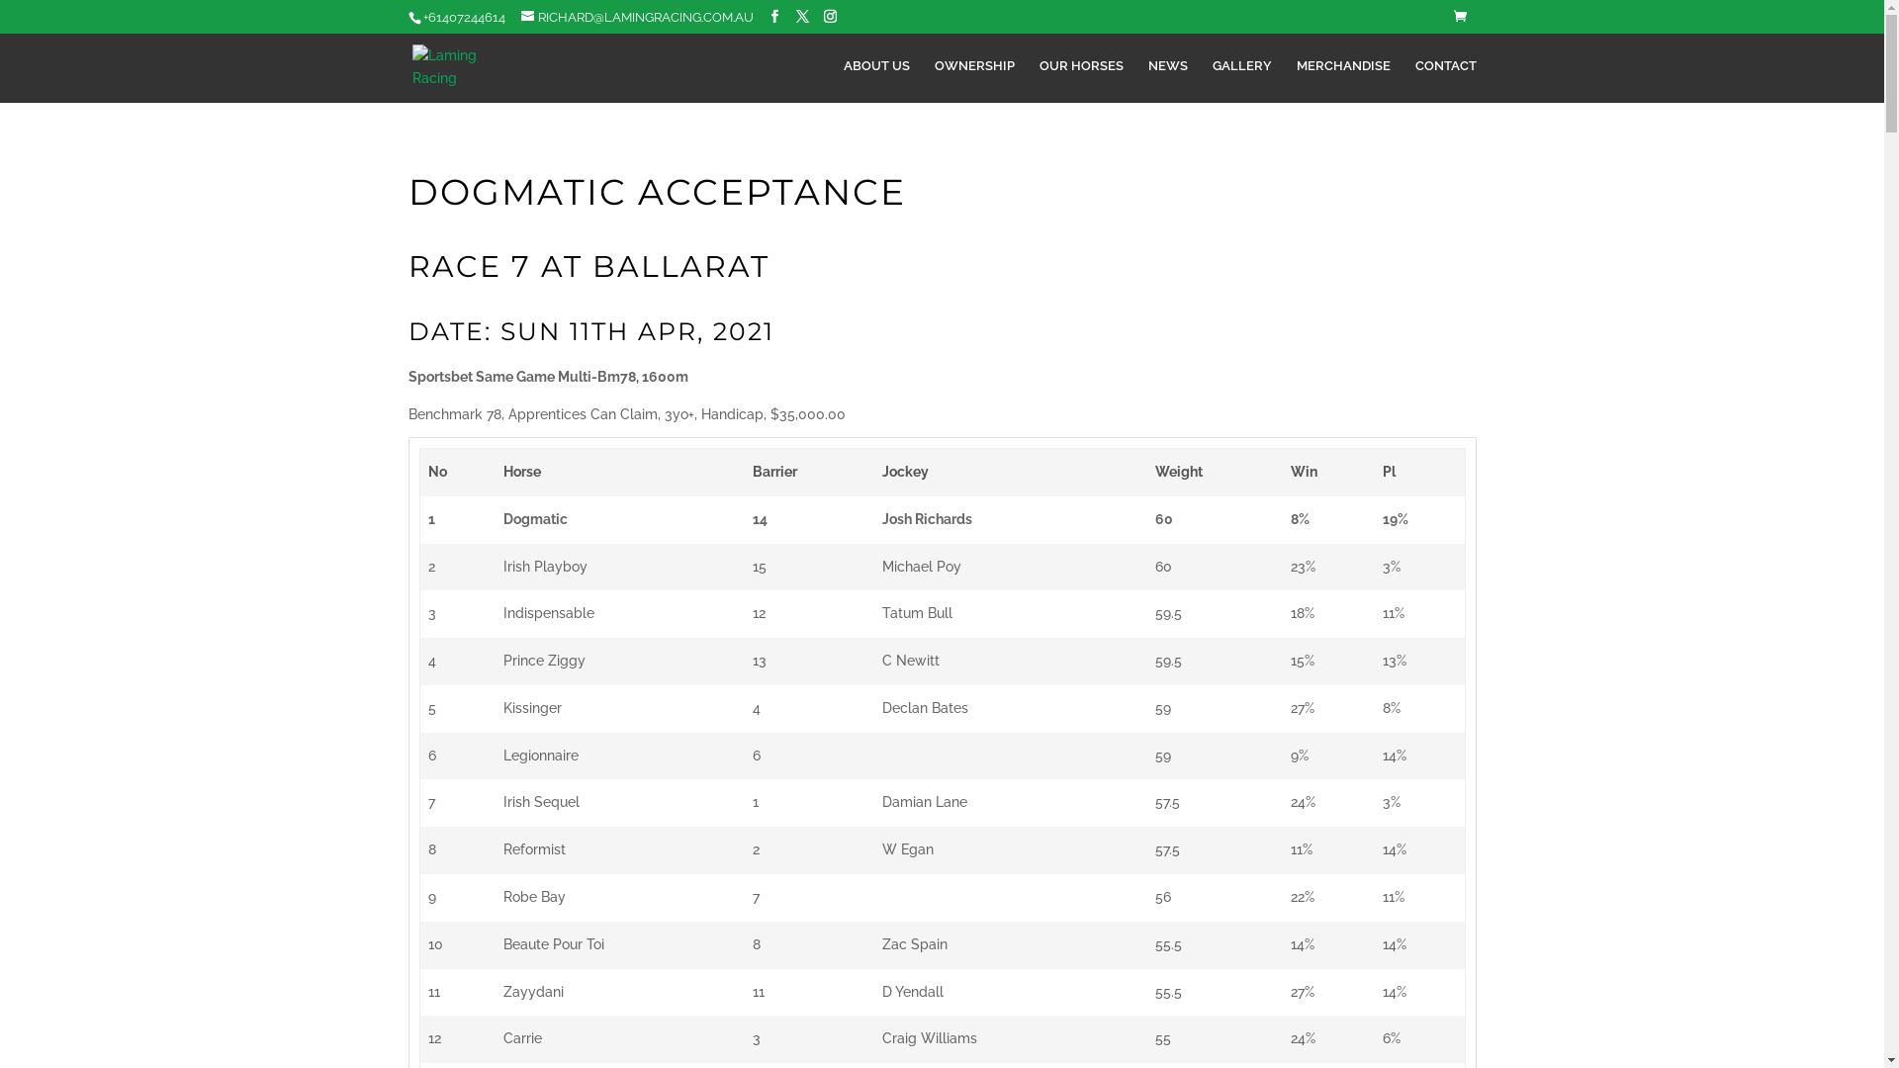 This screenshot has width=1899, height=1068. Describe the element at coordinates (1038, 79) in the screenshot. I see `'OUR HORSES'` at that location.